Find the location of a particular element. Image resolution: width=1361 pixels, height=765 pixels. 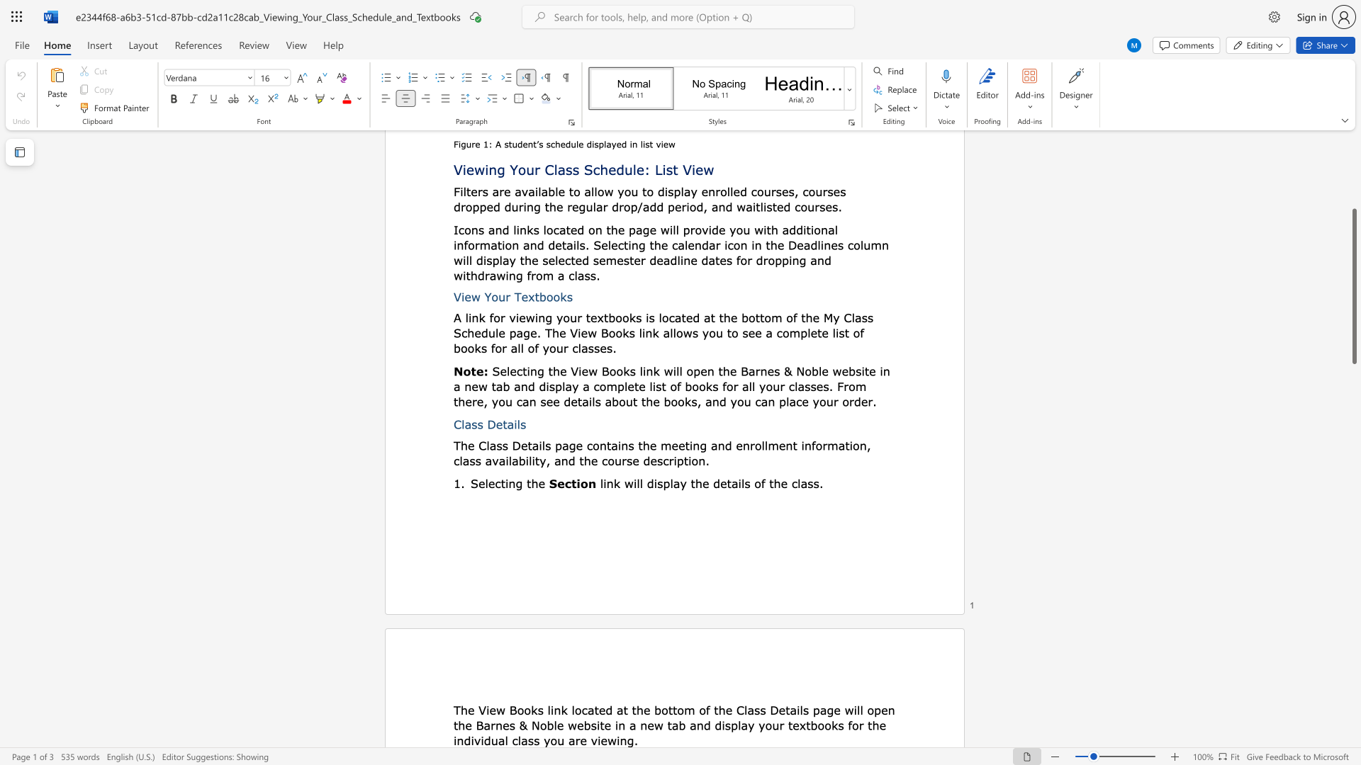

the scrollbar and move up 380 pixels is located at coordinates (1353, 286).